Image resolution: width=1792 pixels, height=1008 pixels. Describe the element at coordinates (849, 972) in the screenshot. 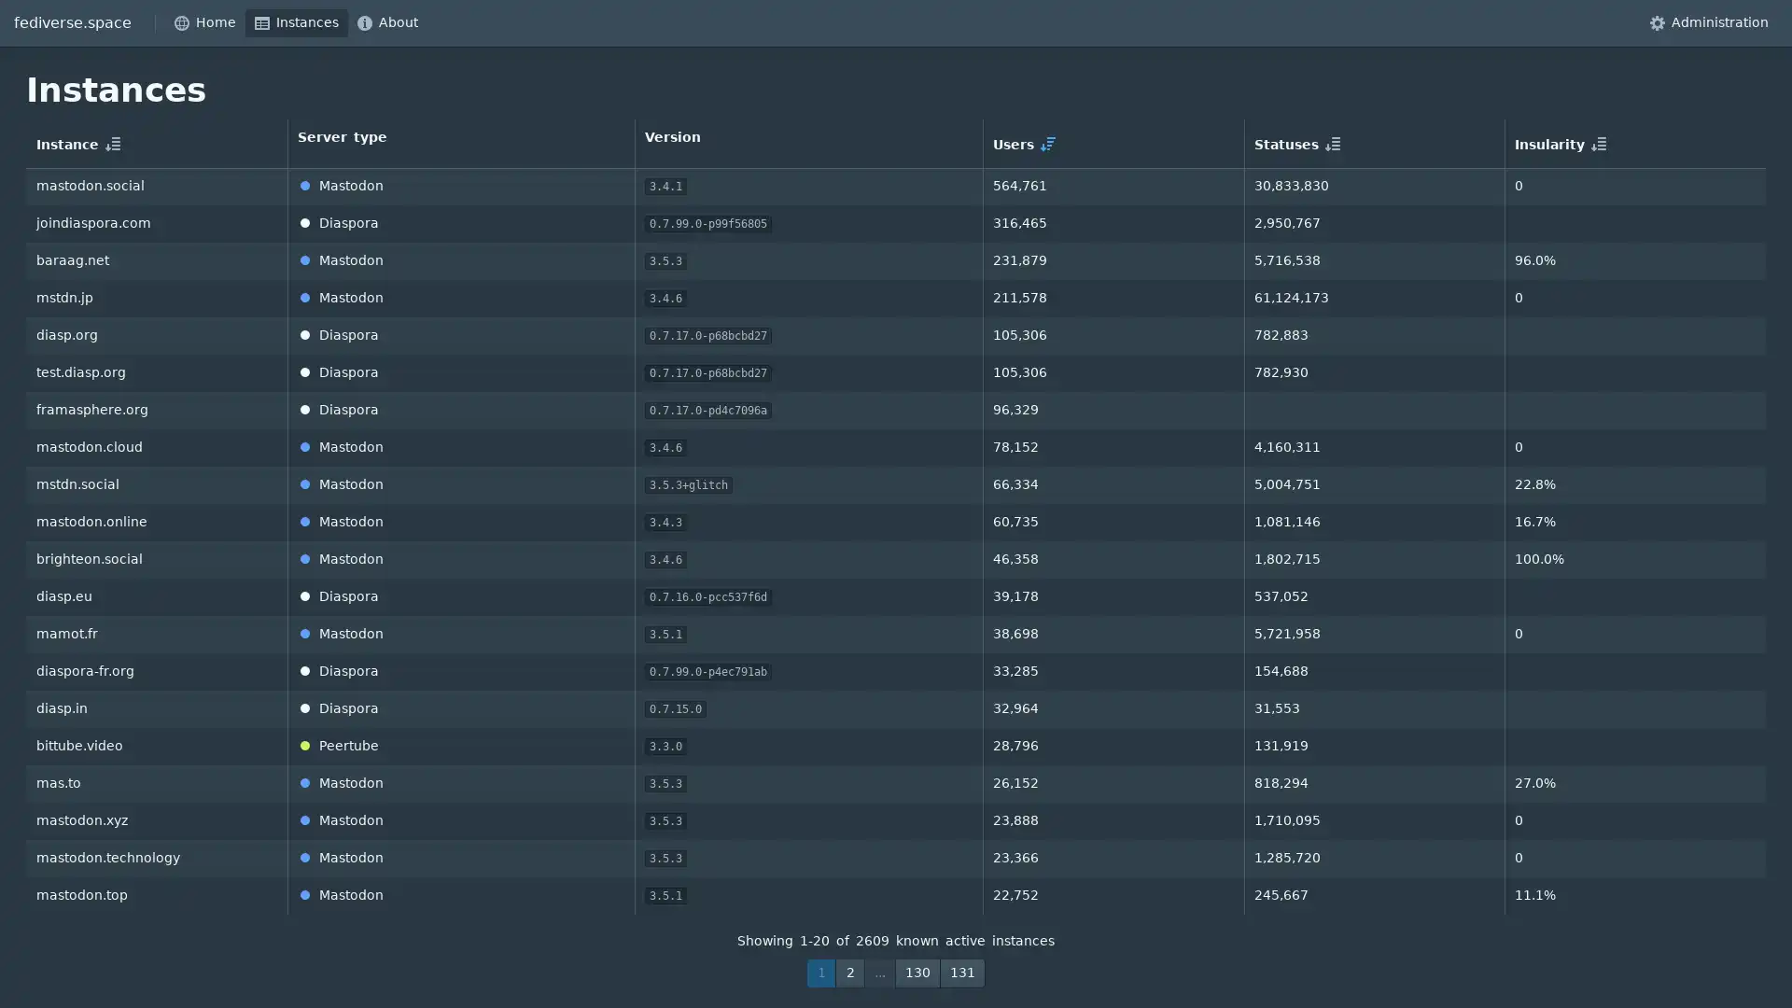

I see `2` at that location.